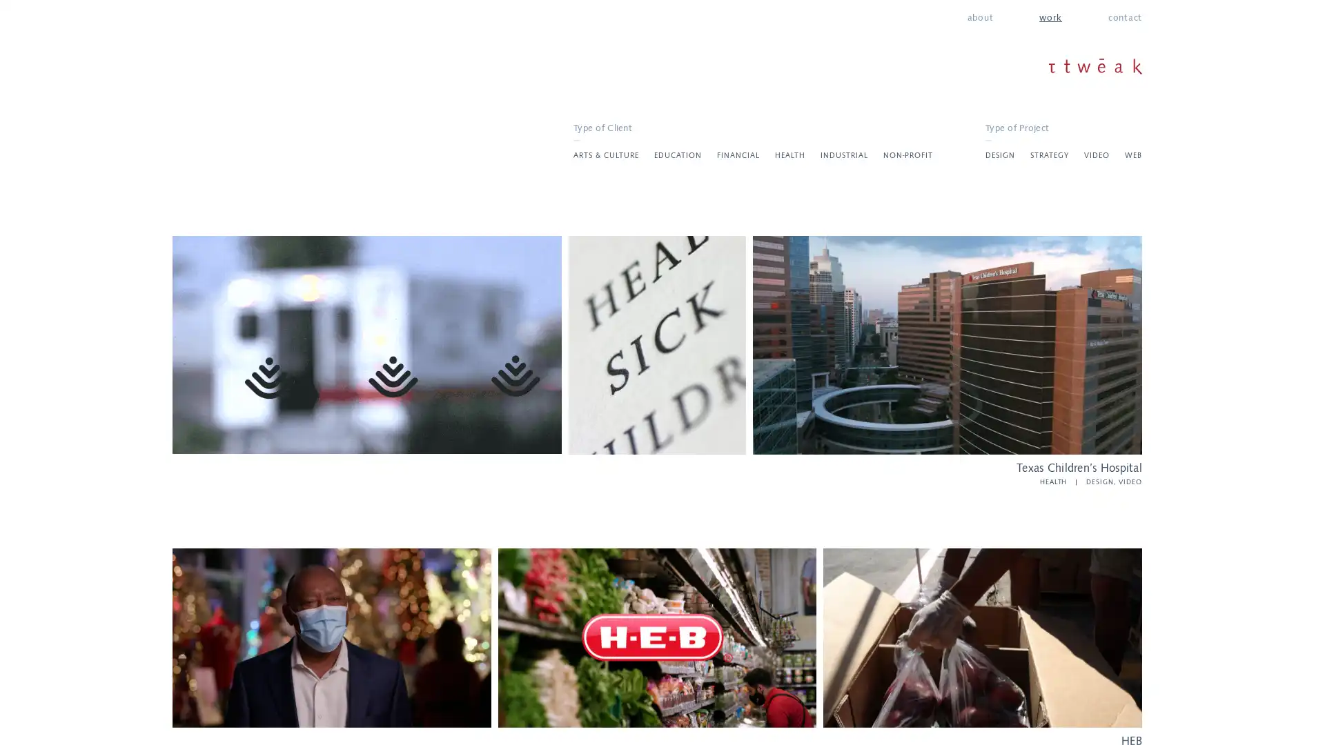 This screenshot has height=745, width=1325. What do you see at coordinates (907, 155) in the screenshot?
I see `NON-PROFIT` at bounding box center [907, 155].